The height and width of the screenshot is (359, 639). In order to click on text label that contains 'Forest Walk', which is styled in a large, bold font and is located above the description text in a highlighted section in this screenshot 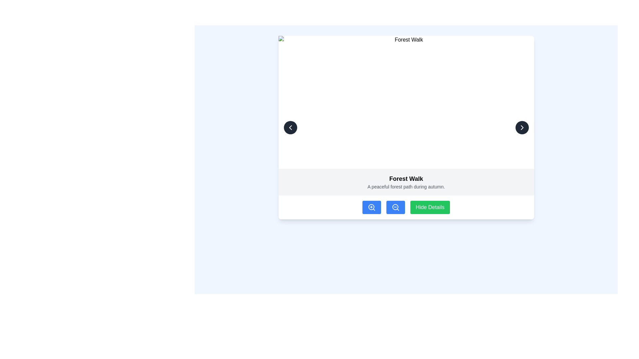, I will do `click(406, 178)`.